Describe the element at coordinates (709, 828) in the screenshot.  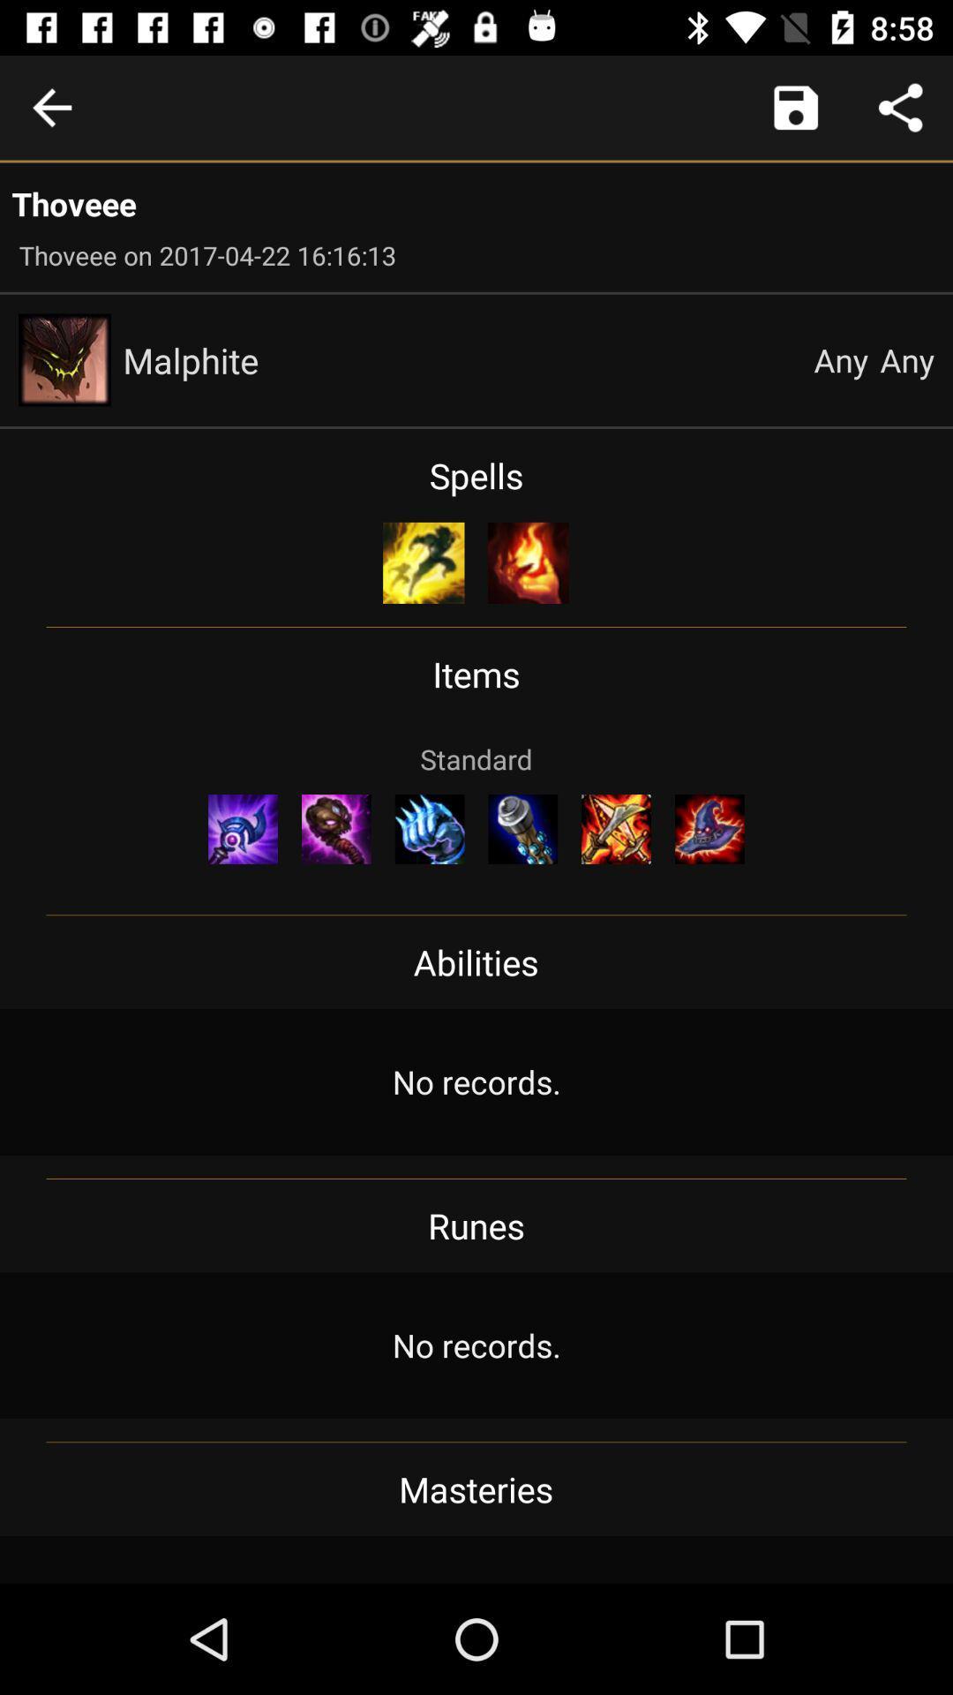
I see `icon on the right` at that location.